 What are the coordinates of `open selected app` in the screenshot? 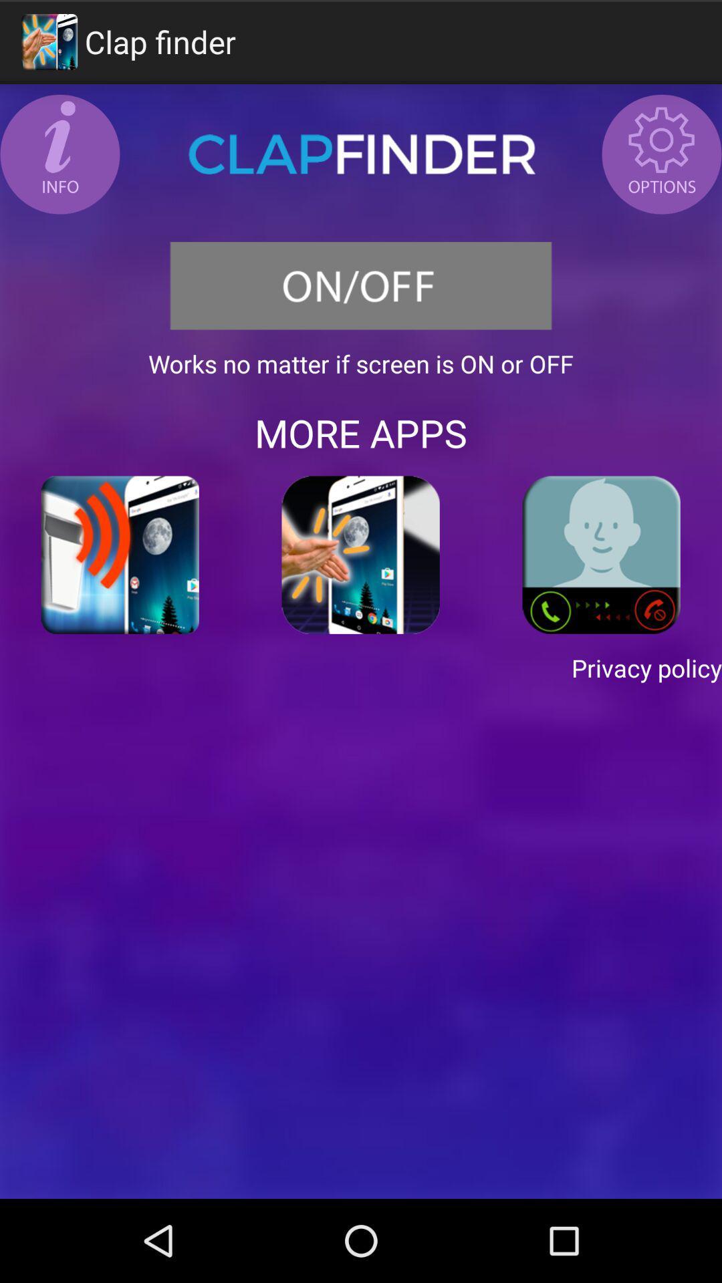 It's located at (361, 555).